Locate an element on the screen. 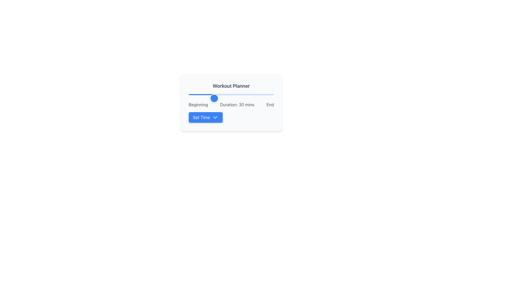 This screenshot has height=287, width=511. the slider is located at coordinates (250, 94).